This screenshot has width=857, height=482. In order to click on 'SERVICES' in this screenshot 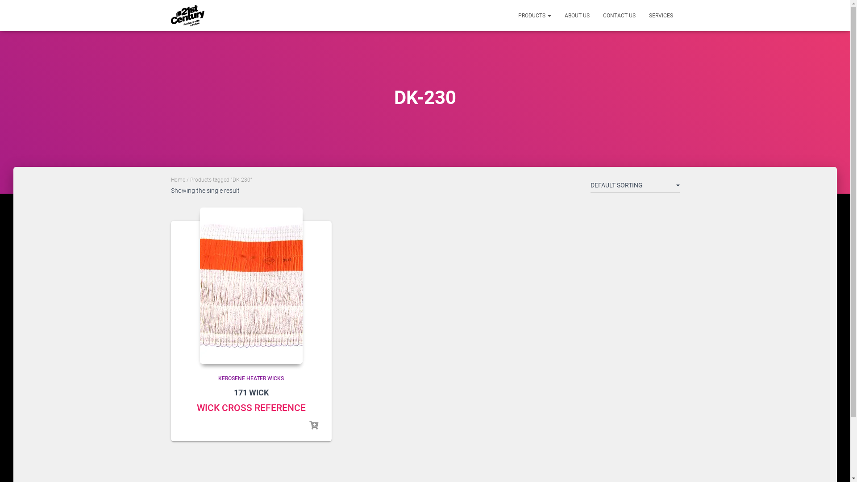, I will do `click(660, 15)`.